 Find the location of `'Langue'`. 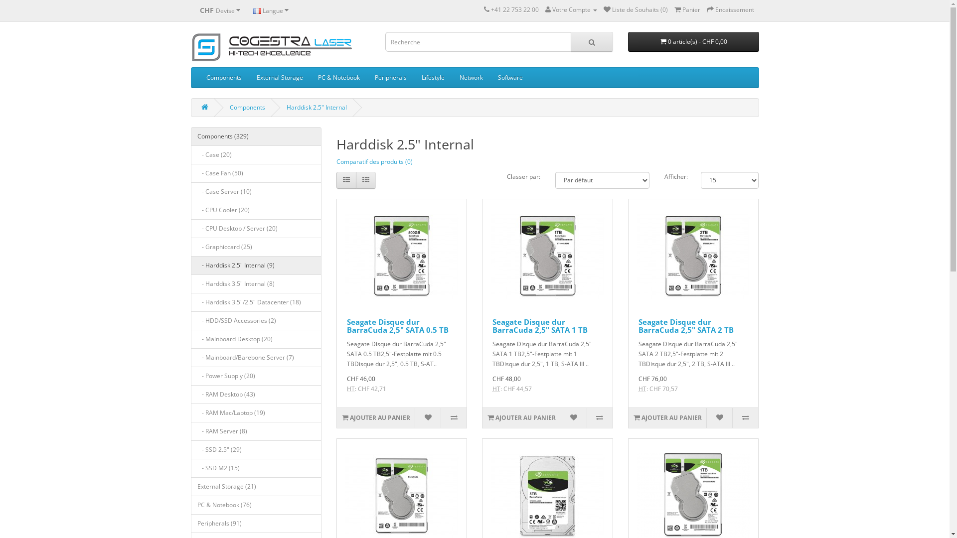

'Langue' is located at coordinates (270, 10).